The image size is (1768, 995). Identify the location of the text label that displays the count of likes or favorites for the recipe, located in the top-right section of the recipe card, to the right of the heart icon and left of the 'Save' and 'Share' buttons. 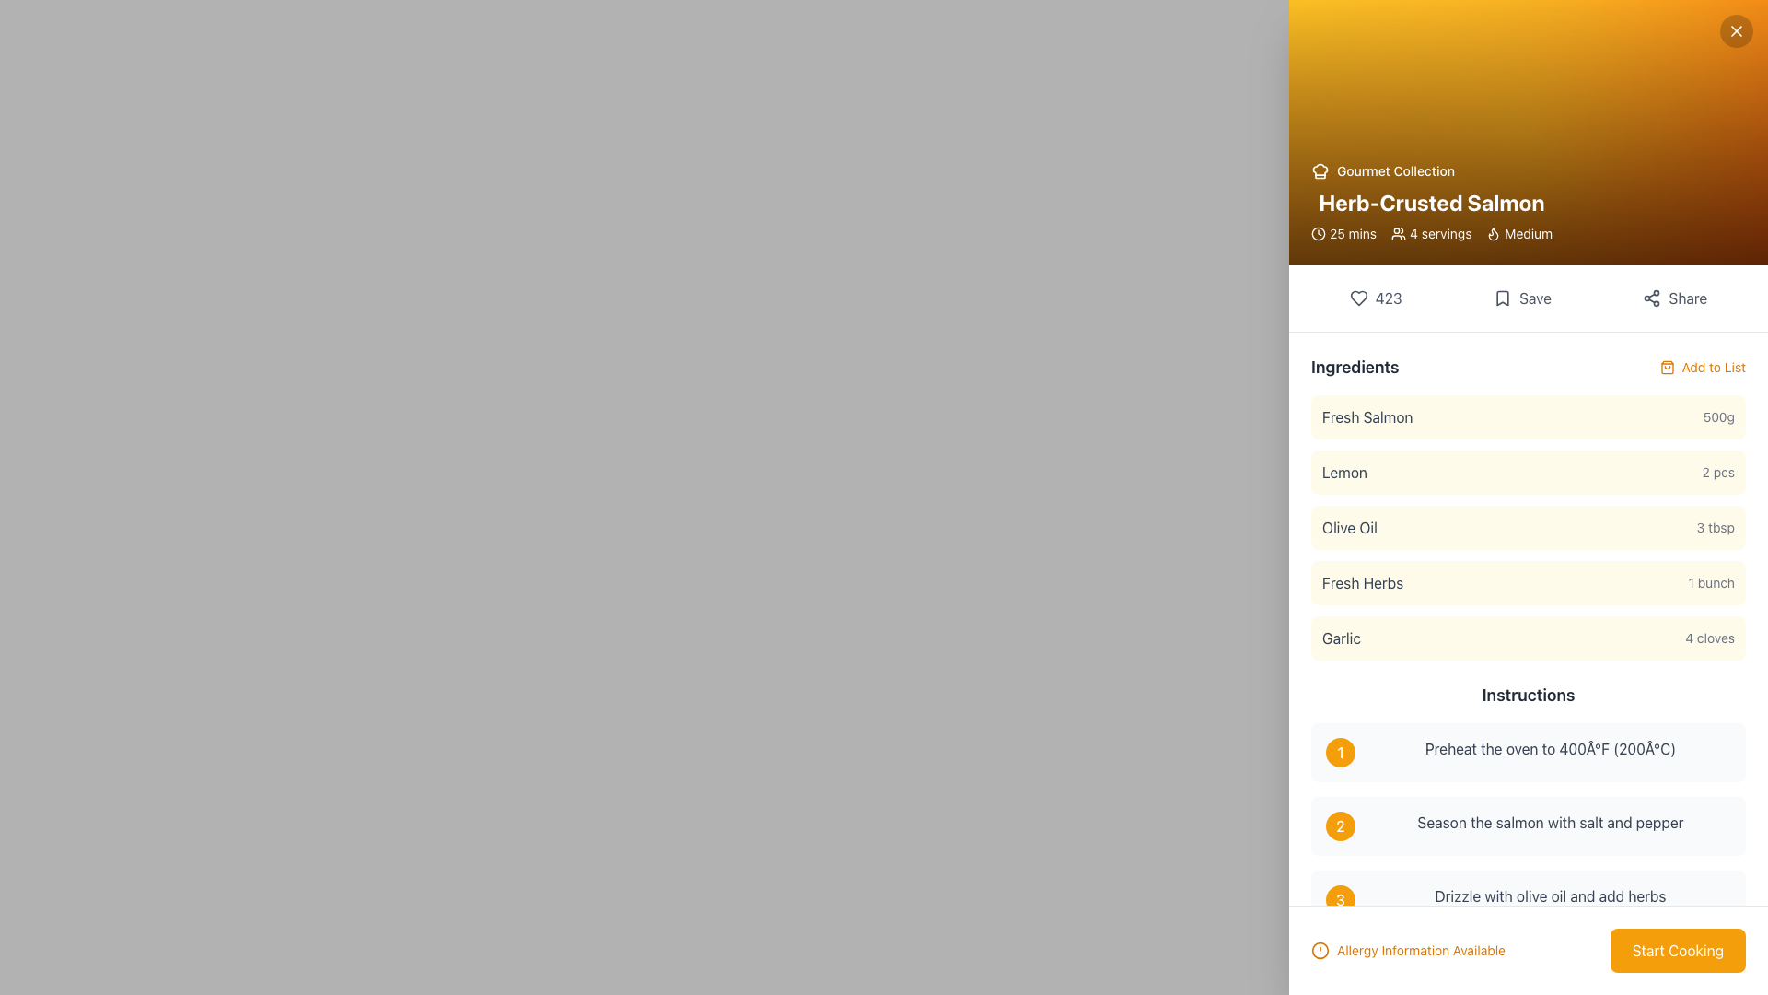
(1389, 298).